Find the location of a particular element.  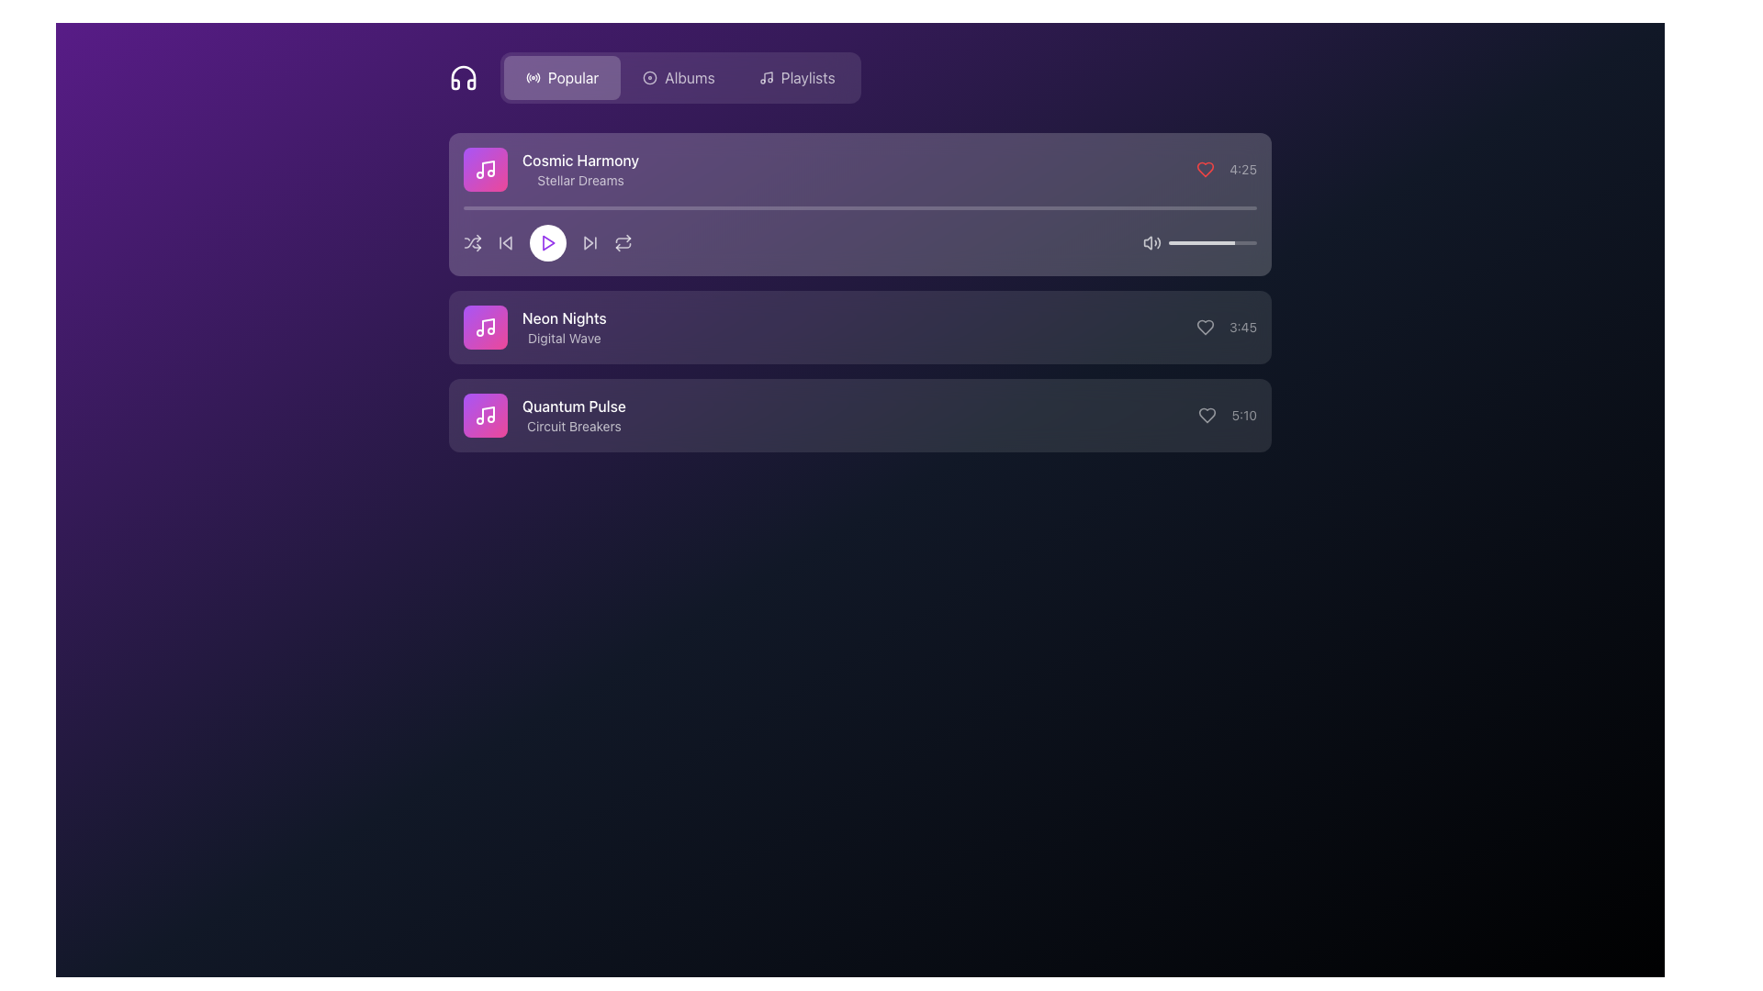

the shuffle button icon located in the playback controls section, the first icon to the left under the 'Cosmic Harmony' song title is located at coordinates (472, 242).